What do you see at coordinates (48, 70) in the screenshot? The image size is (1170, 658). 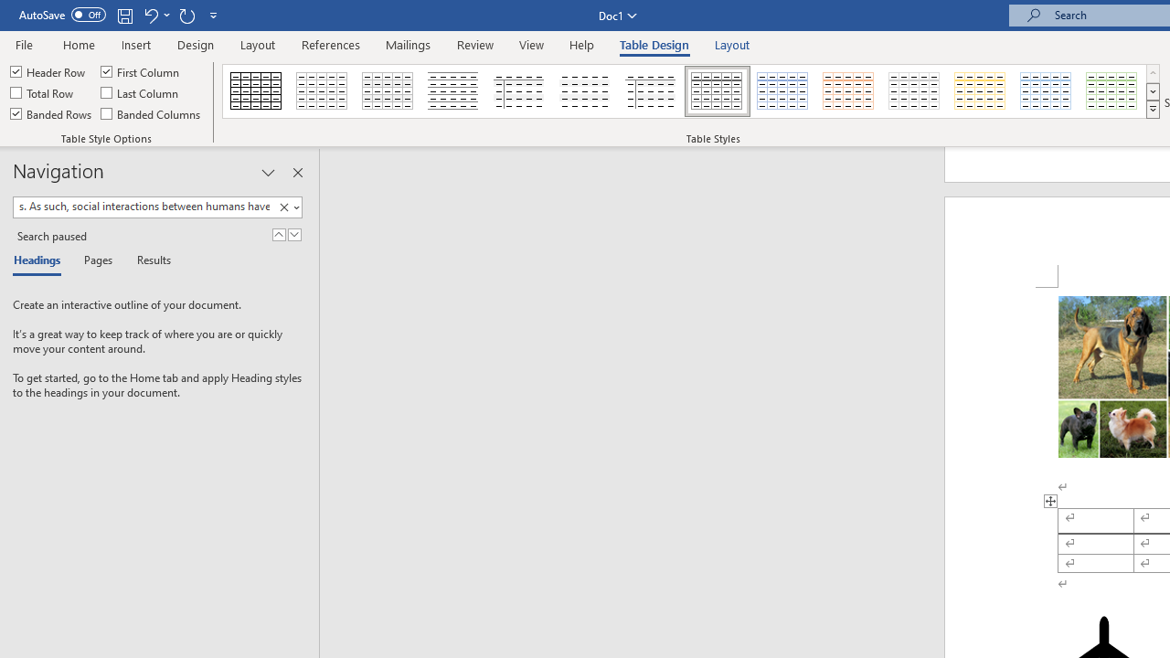 I see `'Header Row'` at bounding box center [48, 70].